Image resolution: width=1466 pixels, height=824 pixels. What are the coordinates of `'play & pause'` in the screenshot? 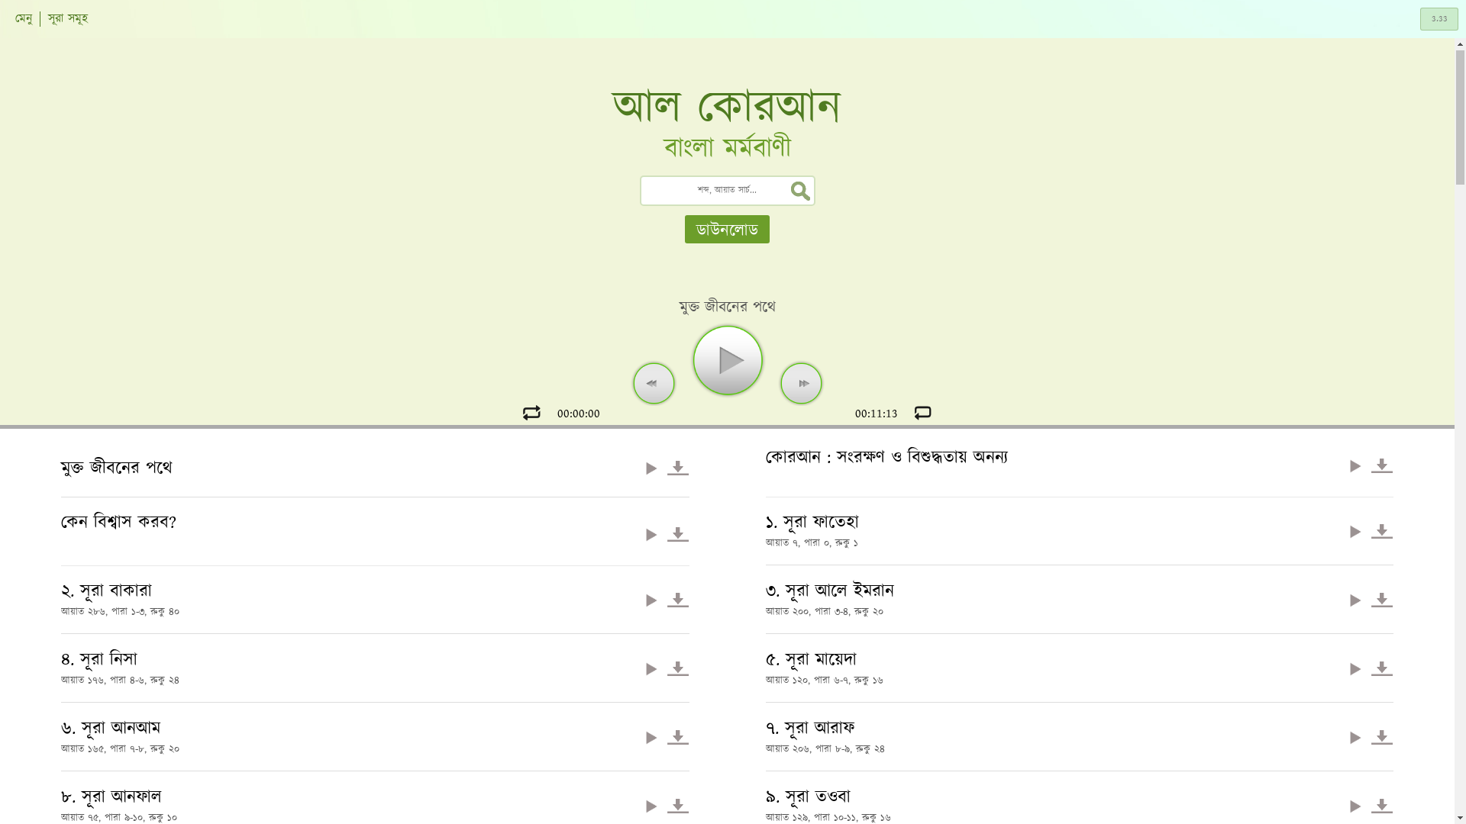 It's located at (725, 359).